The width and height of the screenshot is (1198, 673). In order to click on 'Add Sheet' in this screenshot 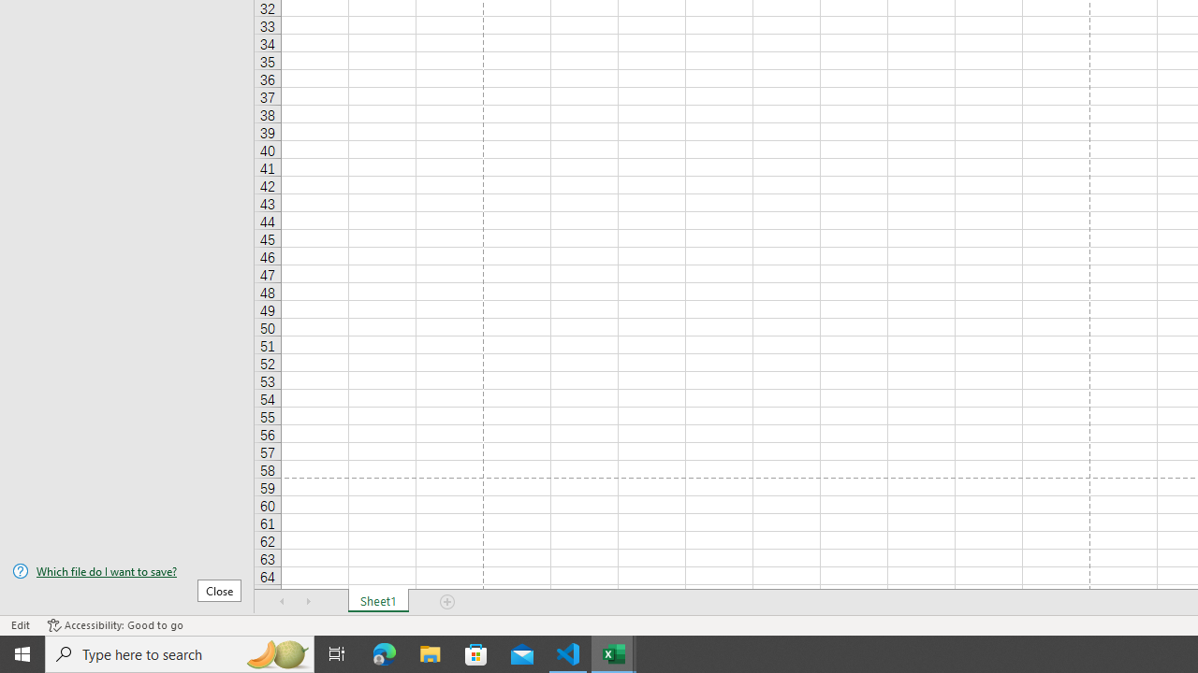, I will do `click(446, 602)`.